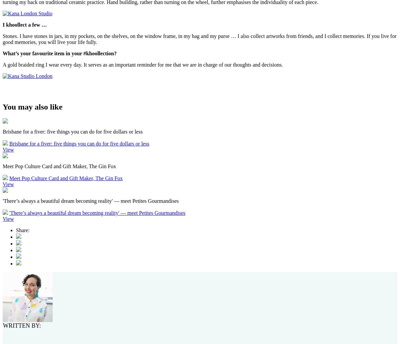 The image size is (400, 344). I want to click on 'I khoollect a few …', so click(25, 24).